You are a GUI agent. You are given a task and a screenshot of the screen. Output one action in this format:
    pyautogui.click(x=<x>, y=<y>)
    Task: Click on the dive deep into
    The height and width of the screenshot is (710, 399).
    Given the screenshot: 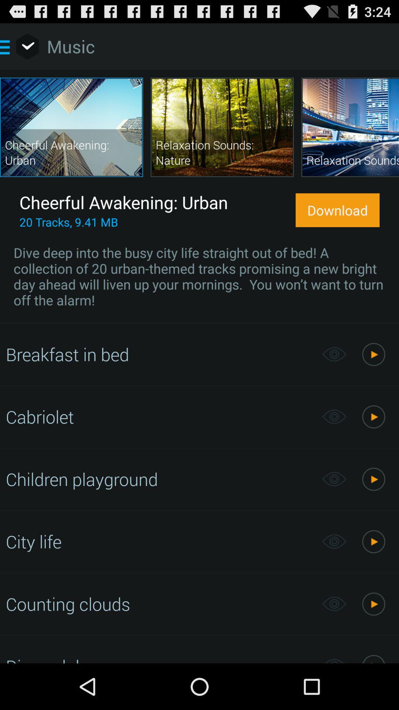 What is the action you would take?
    pyautogui.click(x=199, y=276)
    